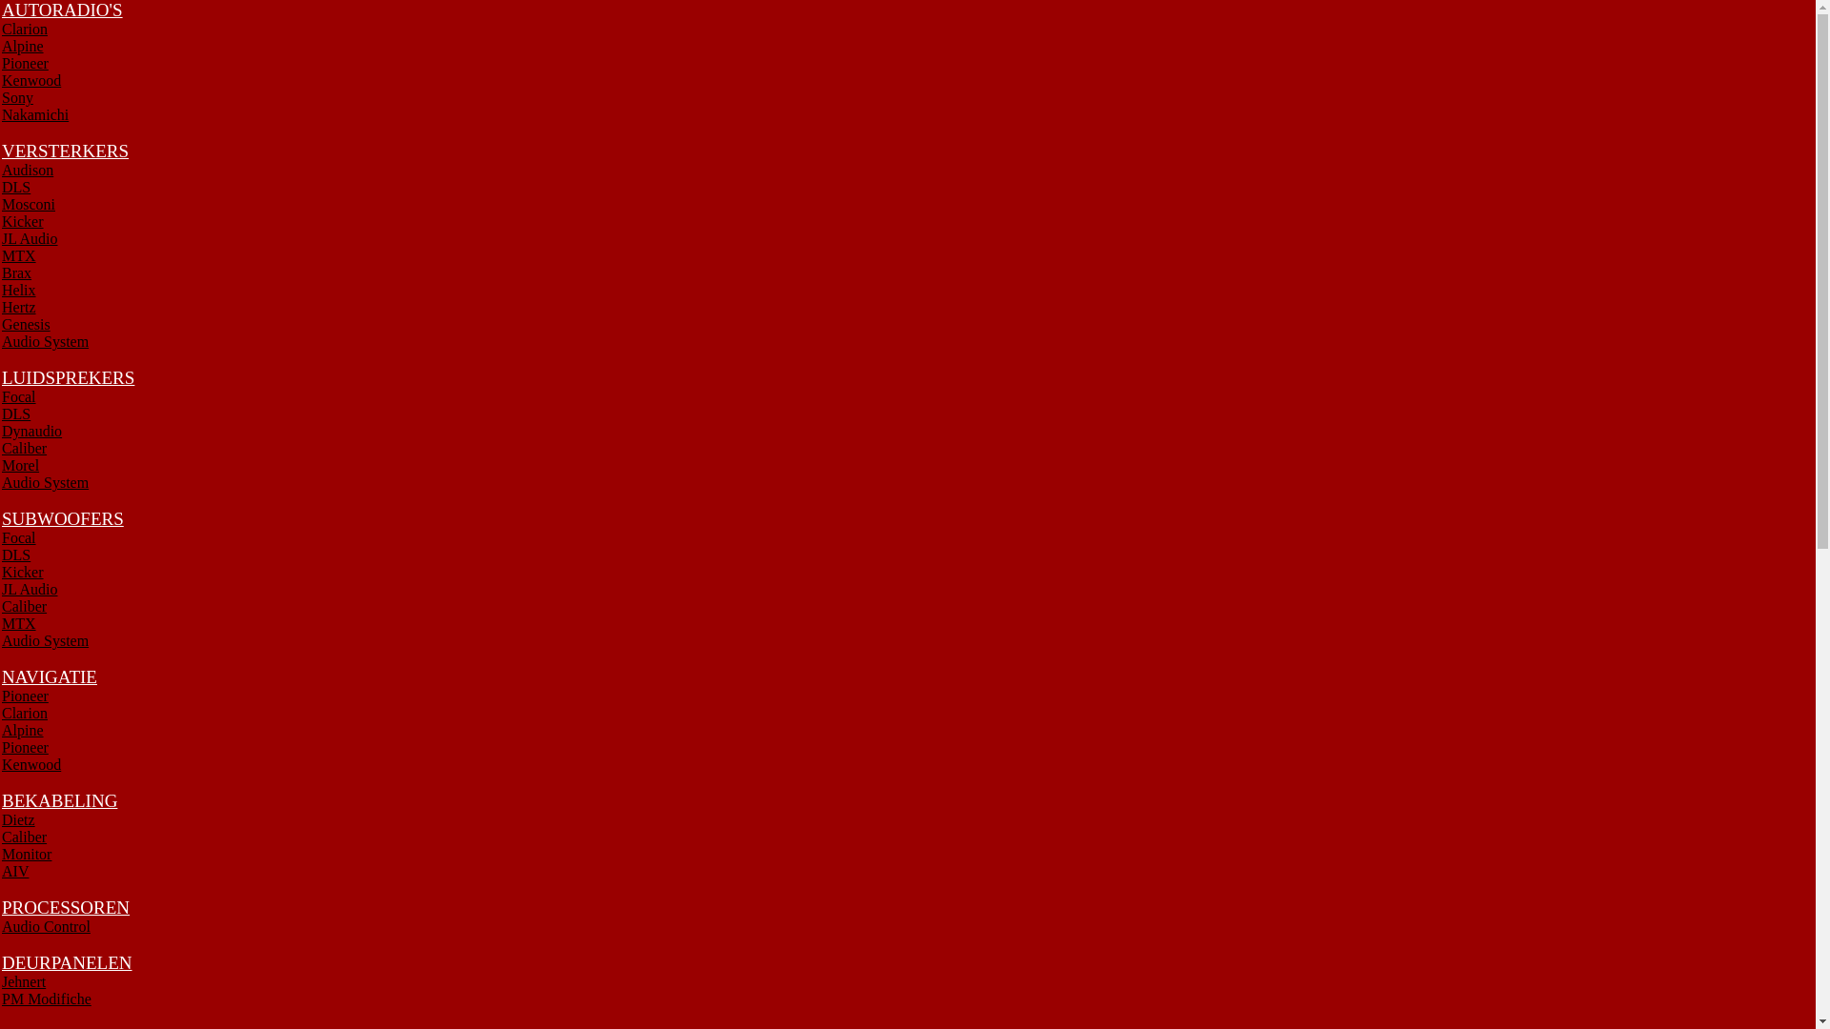  What do you see at coordinates (18, 818) in the screenshot?
I see `'Dietz'` at bounding box center [18, 818].